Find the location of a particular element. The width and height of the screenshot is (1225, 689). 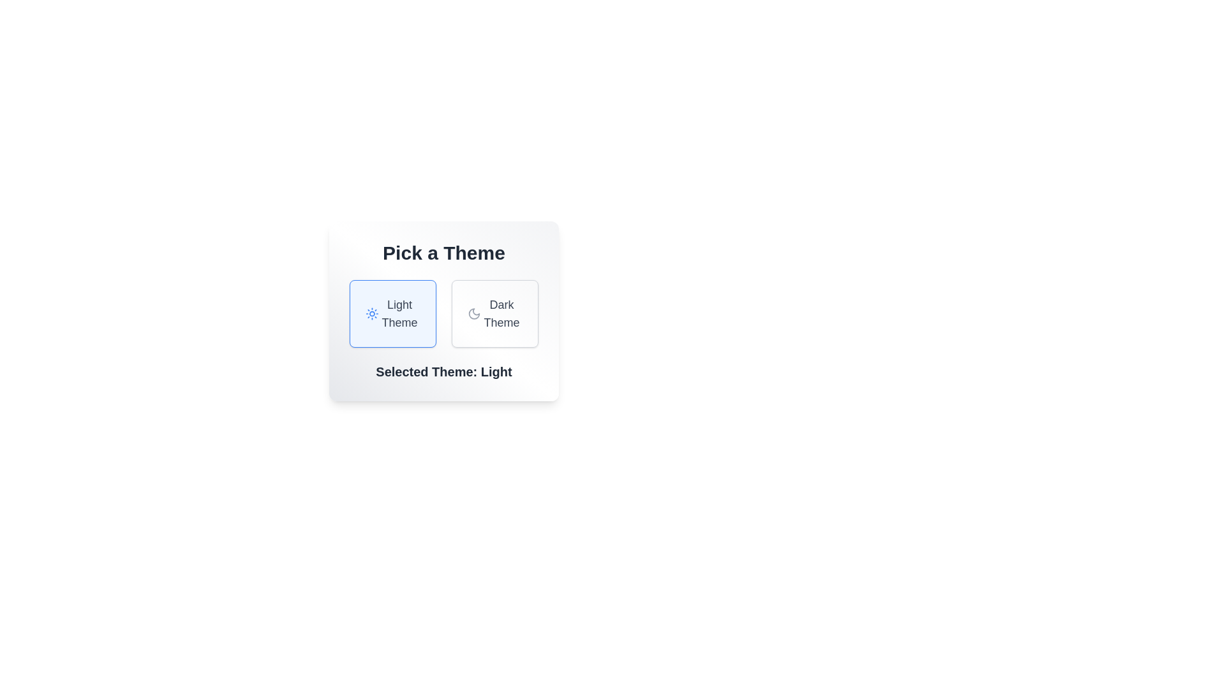

to select the 'Dark Theme' option represented by the icon within the theme selection UI is located at coordinates (473, 314).